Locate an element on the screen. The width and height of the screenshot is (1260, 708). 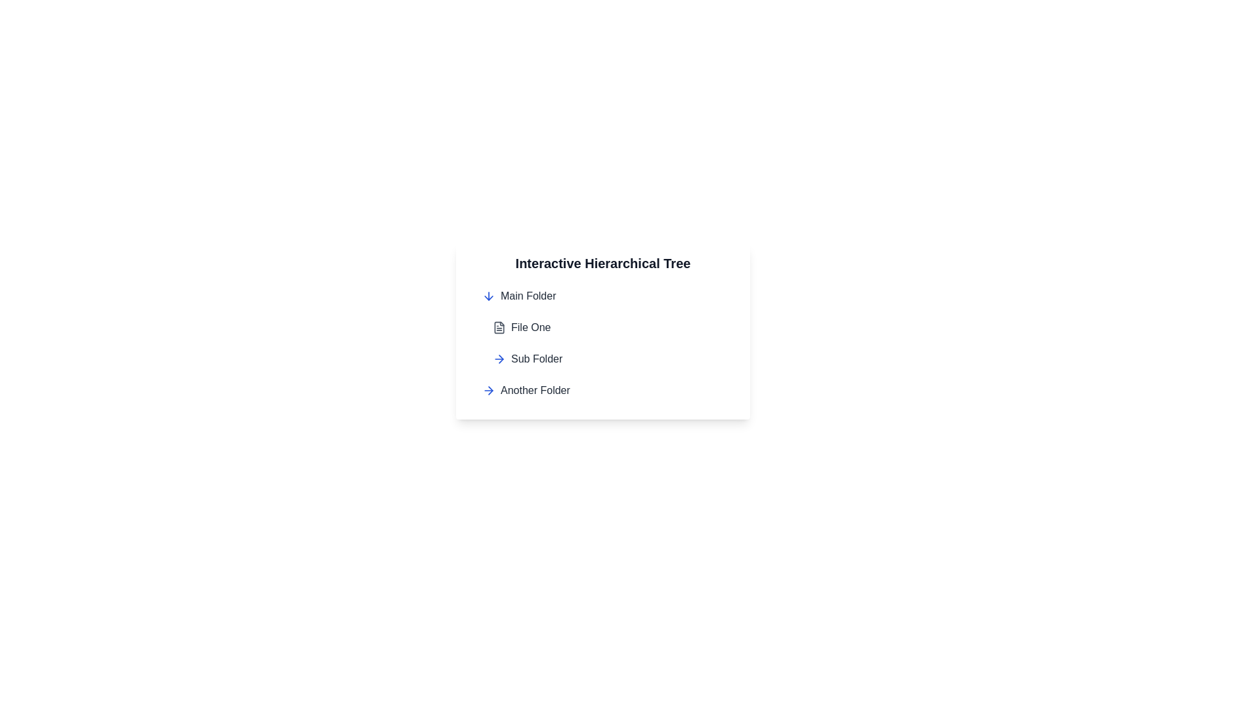
the tree node entry labeled 'Another Folder' is located at coordinates (607, 390).